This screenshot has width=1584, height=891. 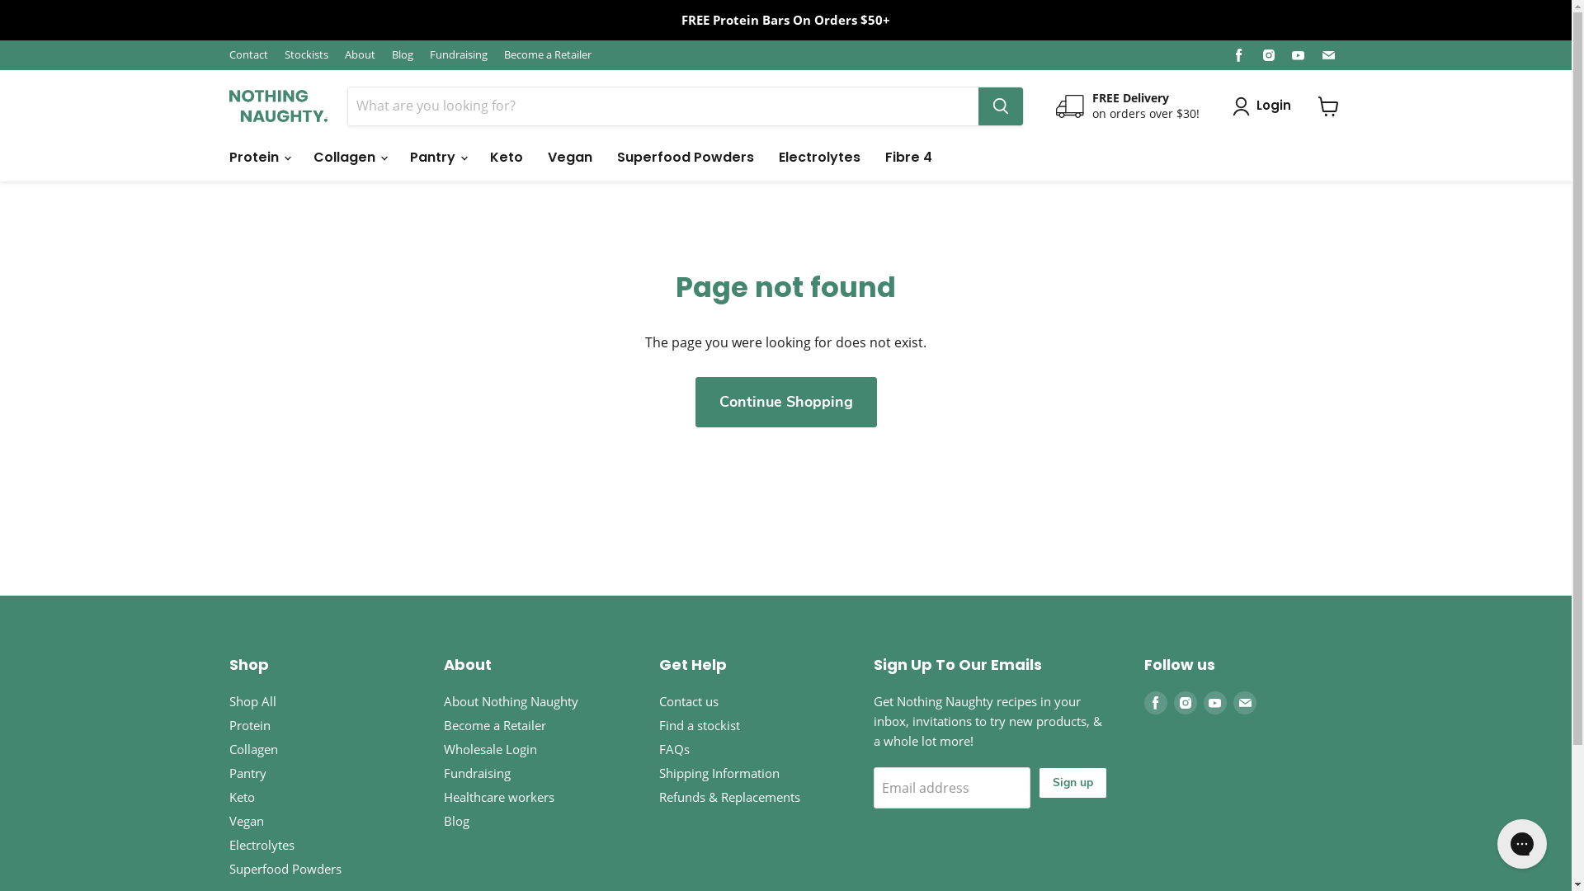 I want to click on 'Sign up', so click(x=1072, y=781).